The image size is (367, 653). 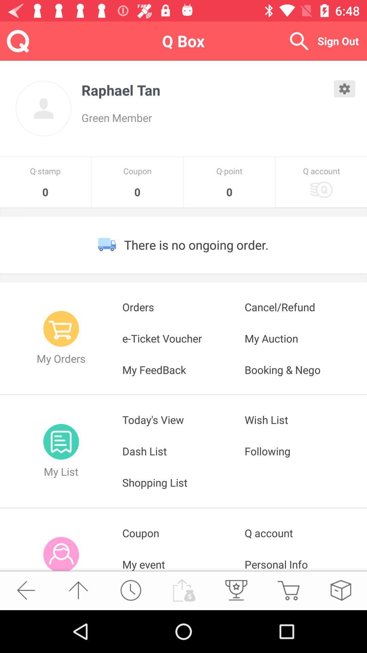 I want to click on it is a search button, so click(x=298, y=40).